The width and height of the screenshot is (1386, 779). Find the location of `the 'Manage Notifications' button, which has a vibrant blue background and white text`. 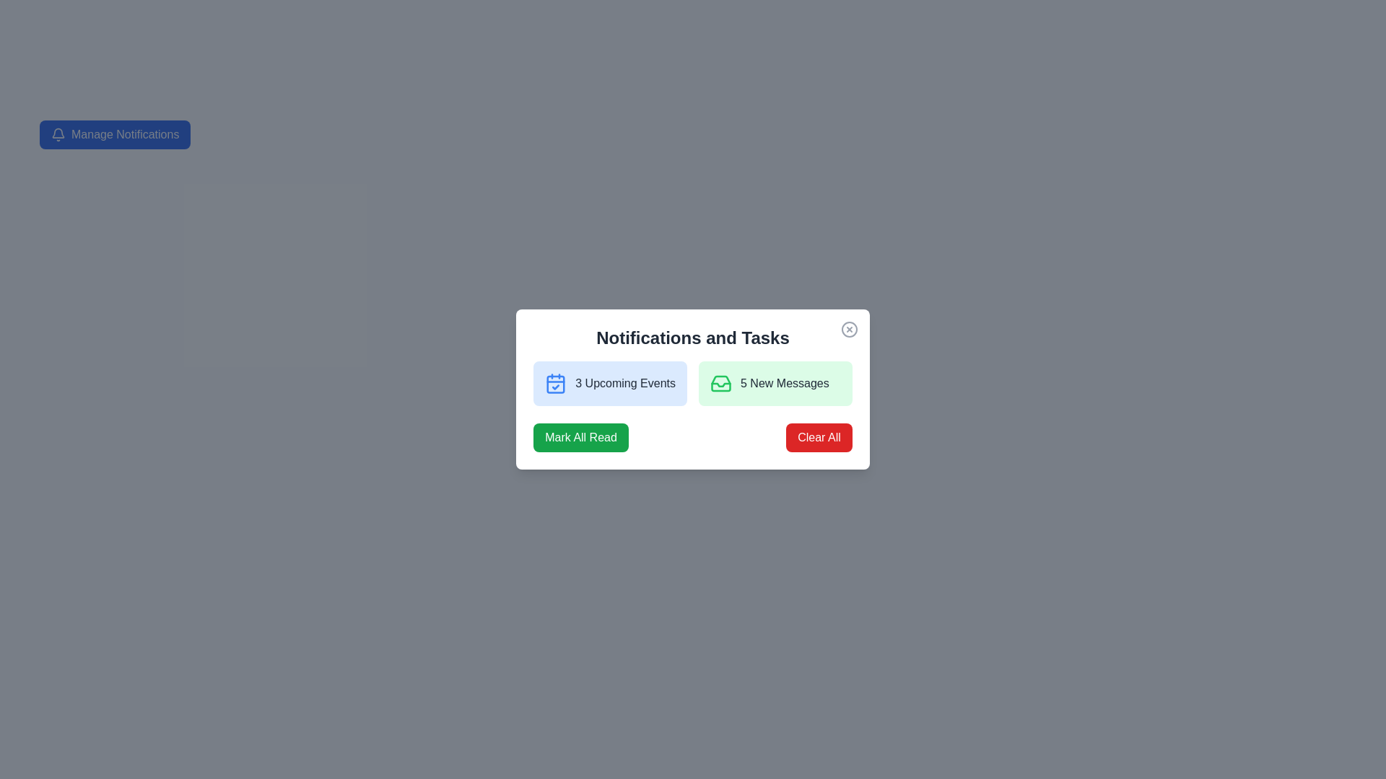

the 'Manage Notifications' button, which has a vibrant blue background and white text is located at coordinates (114, 134).